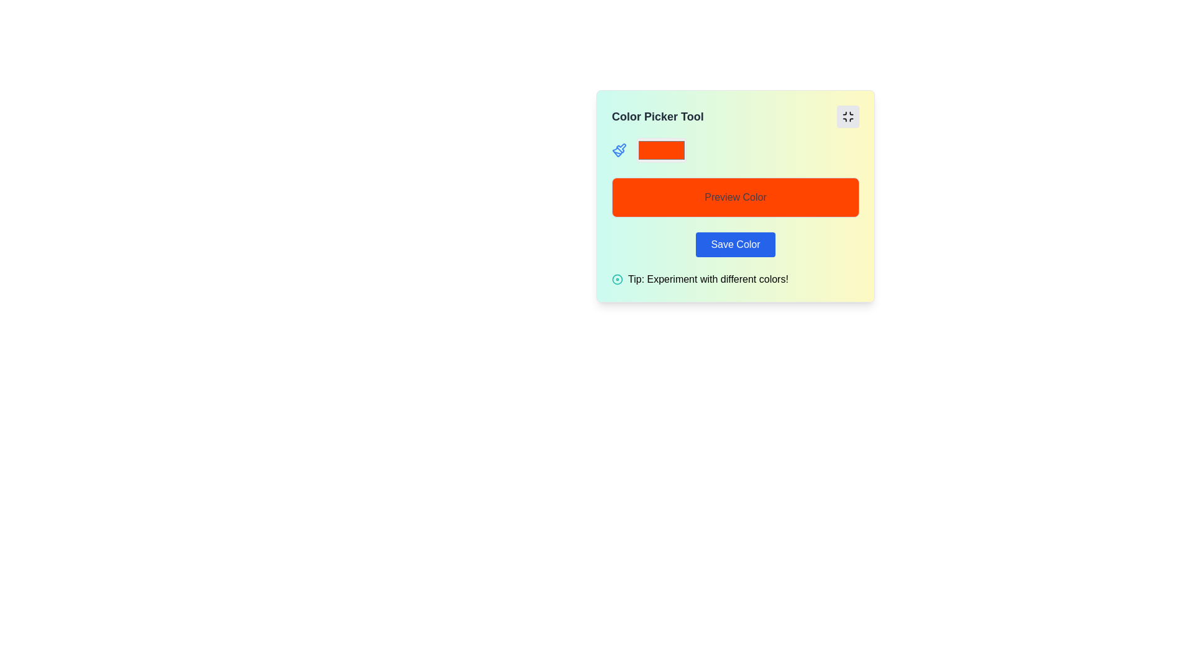  Describe the element at coordinates (661, 150) in the screenshot. I see `the color picker located within the 'Color Picker Tool' box` at that location.